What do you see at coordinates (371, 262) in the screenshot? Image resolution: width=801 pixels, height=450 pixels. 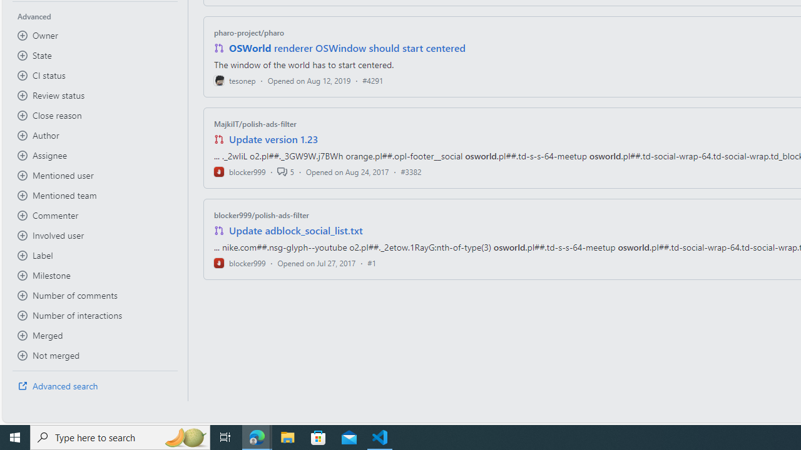 I see `'#1'` at bounding box center [371, 262].